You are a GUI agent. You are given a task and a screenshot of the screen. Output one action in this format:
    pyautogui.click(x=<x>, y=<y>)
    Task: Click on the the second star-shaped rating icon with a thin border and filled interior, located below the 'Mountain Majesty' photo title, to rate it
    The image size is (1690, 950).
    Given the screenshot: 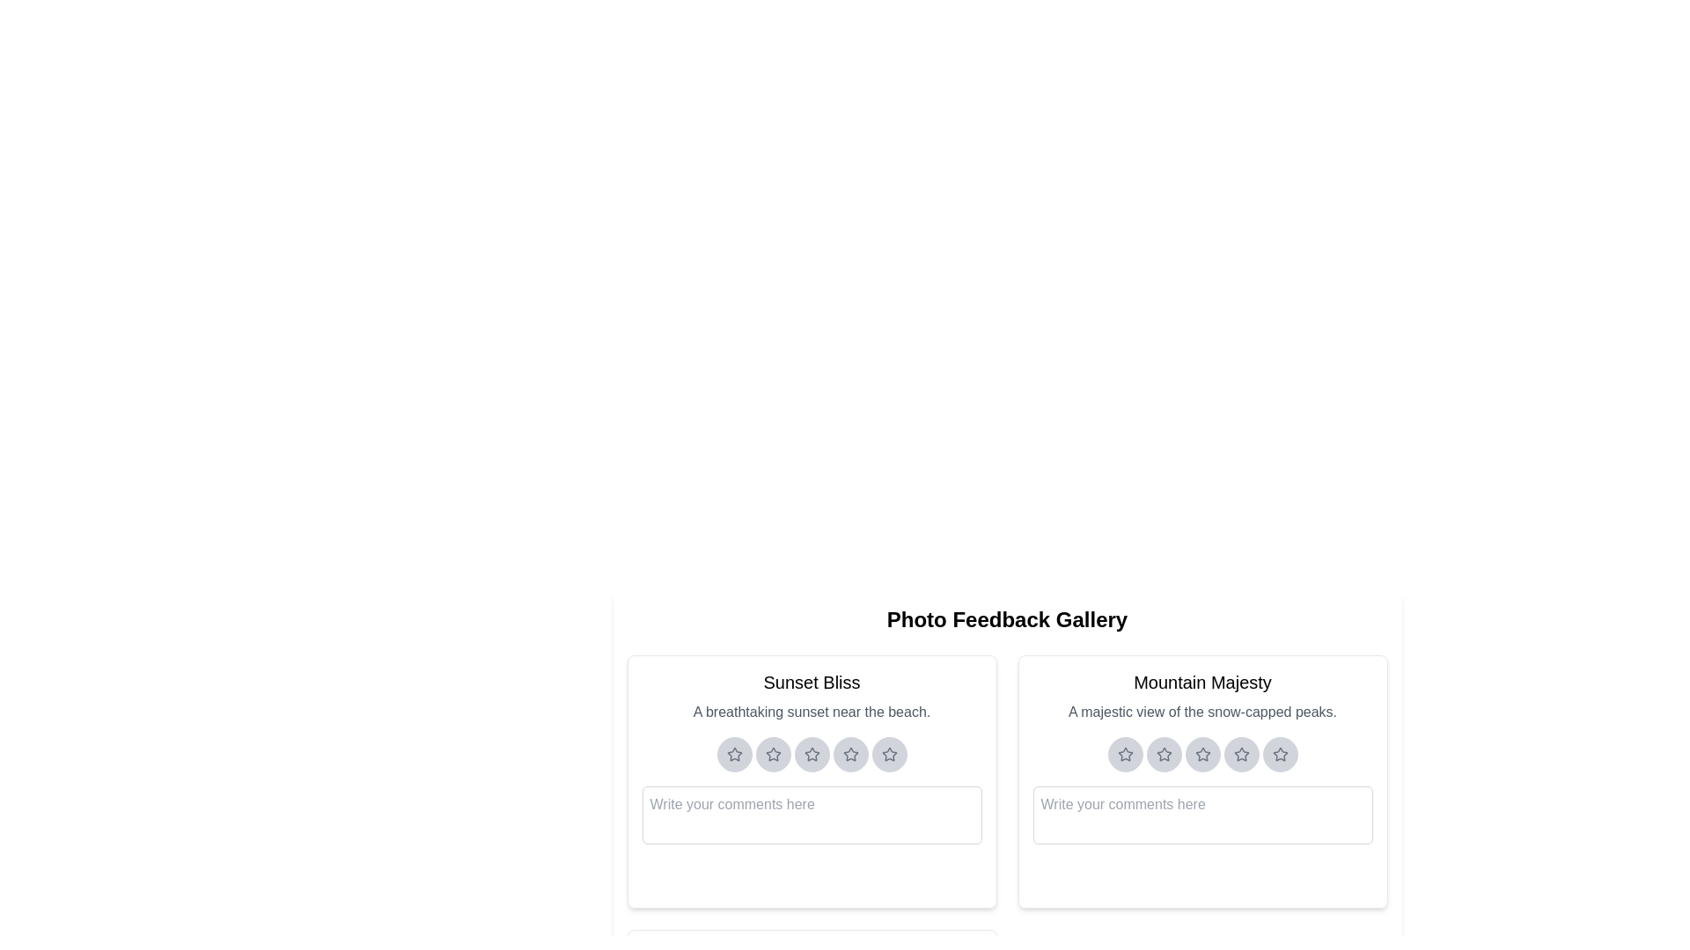 What is the action you would take?
    pyautogui.click(x=1201, y=752)
    